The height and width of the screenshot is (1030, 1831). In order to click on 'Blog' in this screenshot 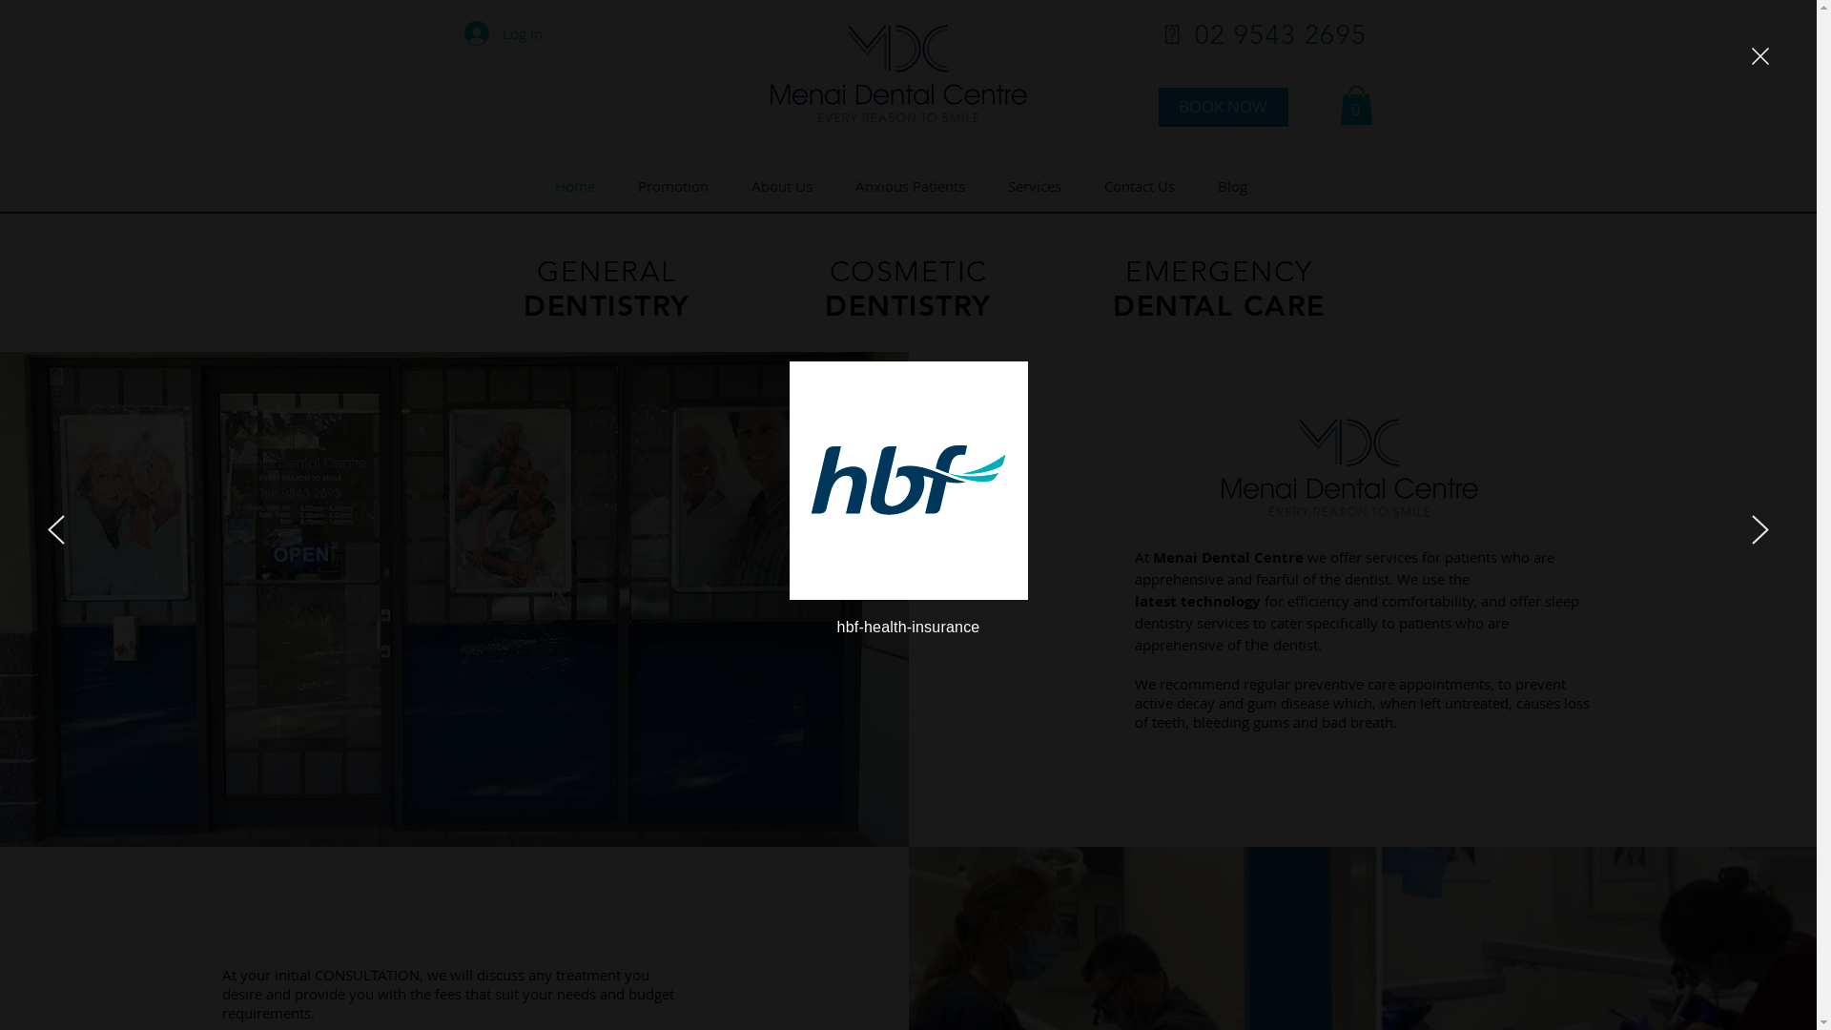, I will do `click(1239, 185)`.